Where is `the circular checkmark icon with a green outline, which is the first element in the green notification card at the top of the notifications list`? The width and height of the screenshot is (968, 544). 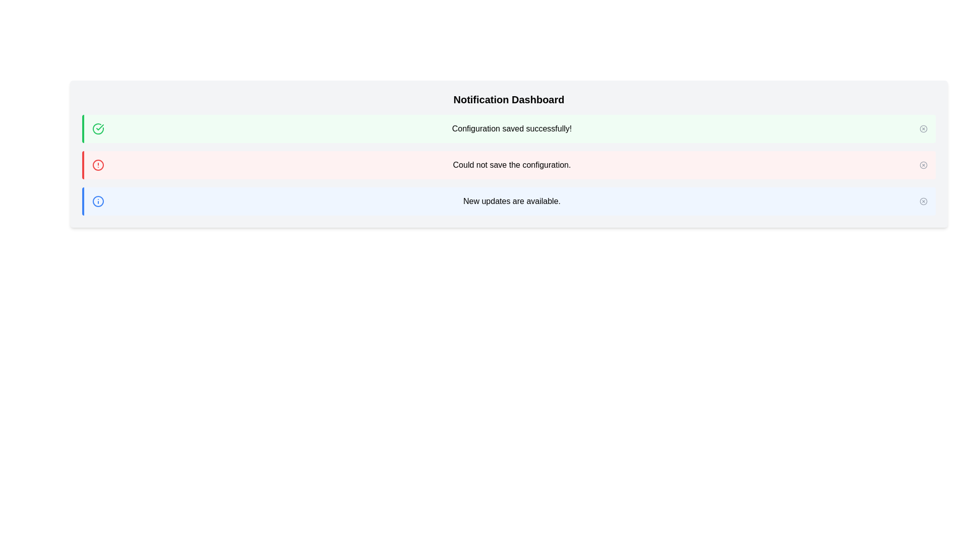 the circular checkmark icon with a green outline, which is the first element in the green notification card at the top of the notifications list is located at coordinates (98, 128).